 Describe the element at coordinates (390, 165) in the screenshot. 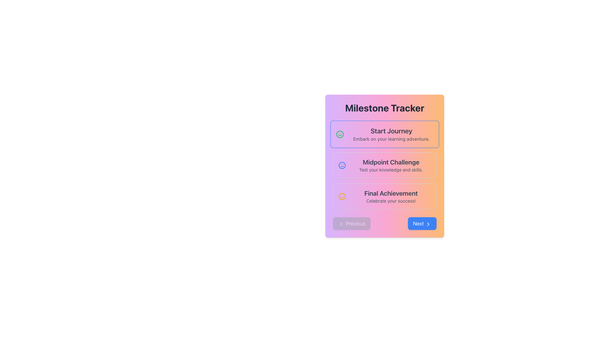

I see `the text element displaying 'Midpoint Challenge' in bold dark gray, which is the subtitle of the second milestone card in the 'Milestone Tracker.'` at that location.